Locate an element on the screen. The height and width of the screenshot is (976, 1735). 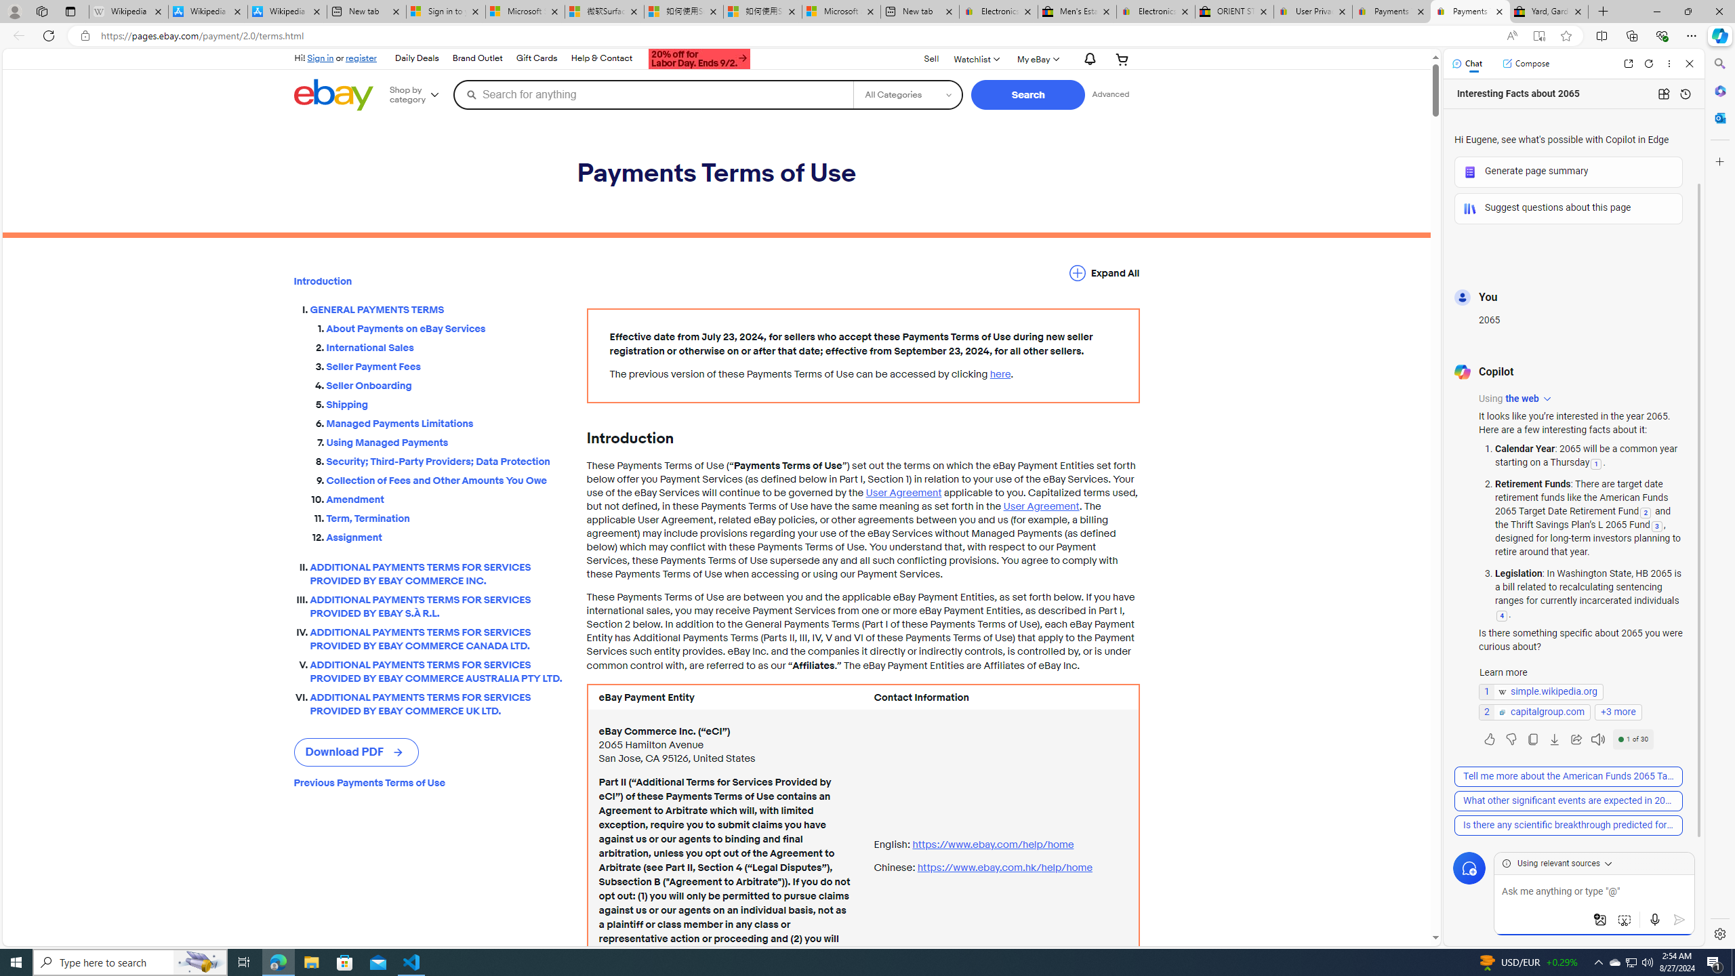
'Seller Payment Fees' is located at coordinates (445, 363).